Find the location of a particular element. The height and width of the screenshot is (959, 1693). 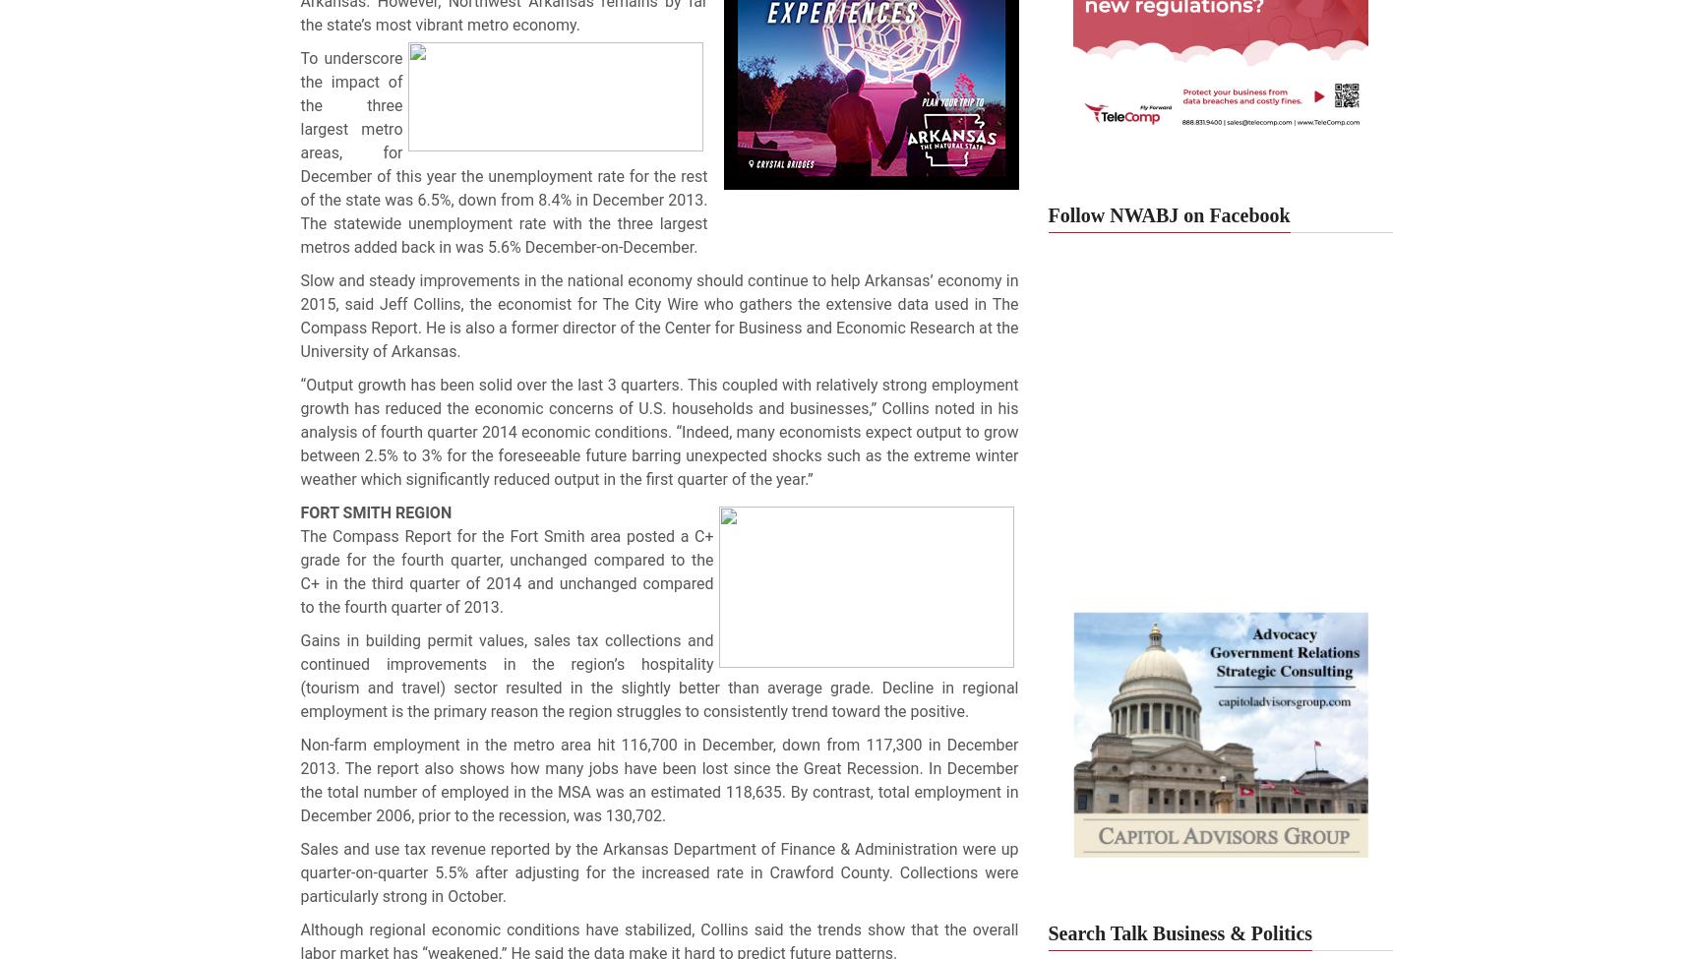

'To underscore the impact of the three largest metro areas, for December of this year the unemployment rate for the rest of the state was 6.5%, down from 8.4% in December 2013. The statewide unemployment rate with the three largest metros added back in was 5.6% December-on-December.' is located at coordinates (503, 151).